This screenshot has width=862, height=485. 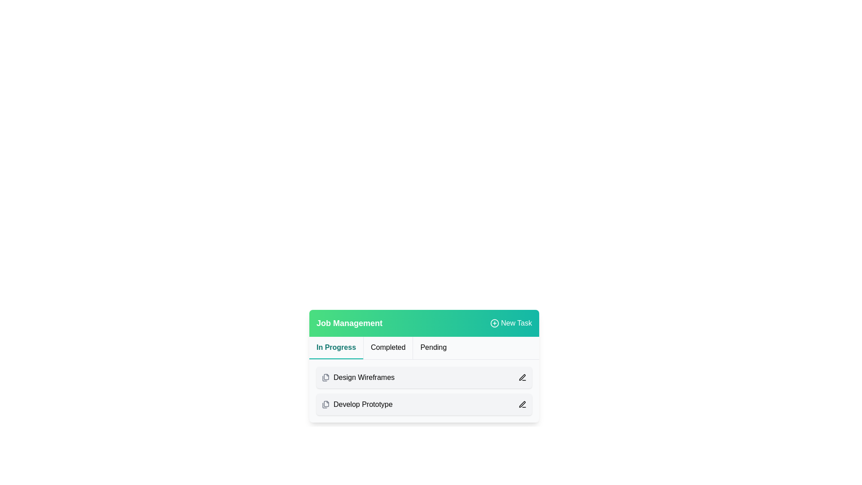 What do you see at coordinates (325, 405) in the screenshot?
I see `the gray document stack icon located to the left of the 'Develop Prototype' task in the 'In Progress' tab` at bounding box center [325, 405].